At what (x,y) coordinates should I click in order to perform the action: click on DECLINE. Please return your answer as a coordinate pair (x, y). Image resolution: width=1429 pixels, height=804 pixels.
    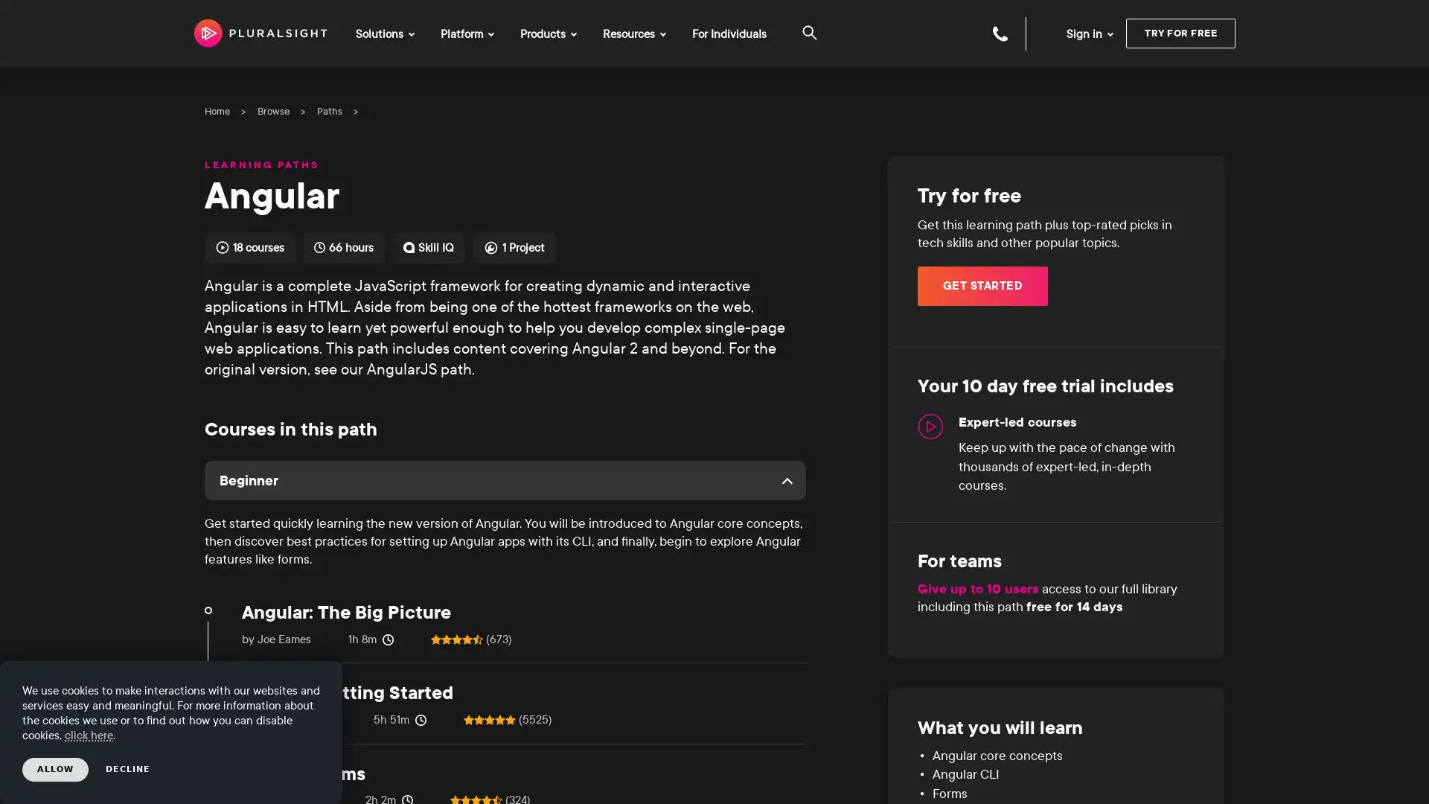
    Looking at the image, I should click on (128, 769).